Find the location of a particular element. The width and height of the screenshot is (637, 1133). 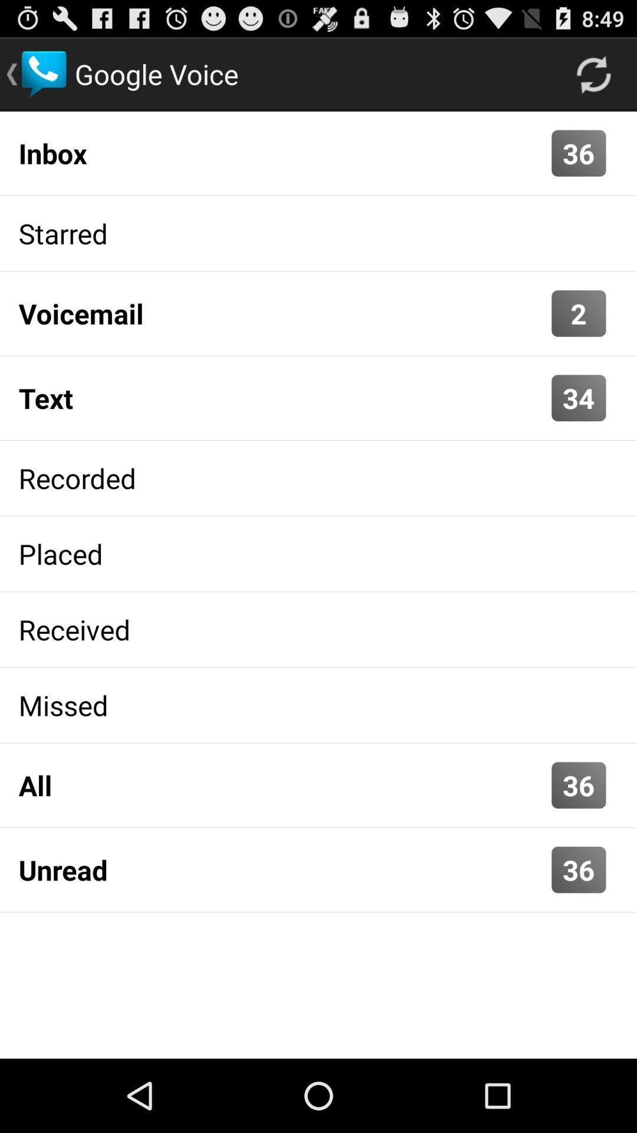

icon next to 36 is located at coordinates (282, 870).